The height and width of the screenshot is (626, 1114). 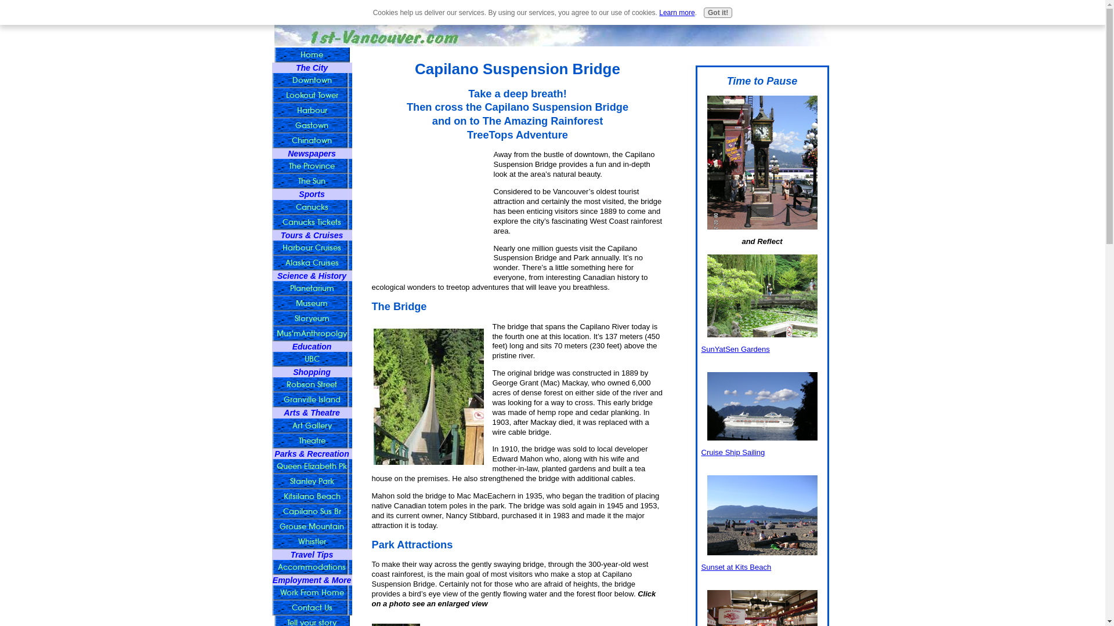 What do you see at coordinates (312, 79) in the screenshot?
I see `'Downtown'` at bounding box center [312, 79].